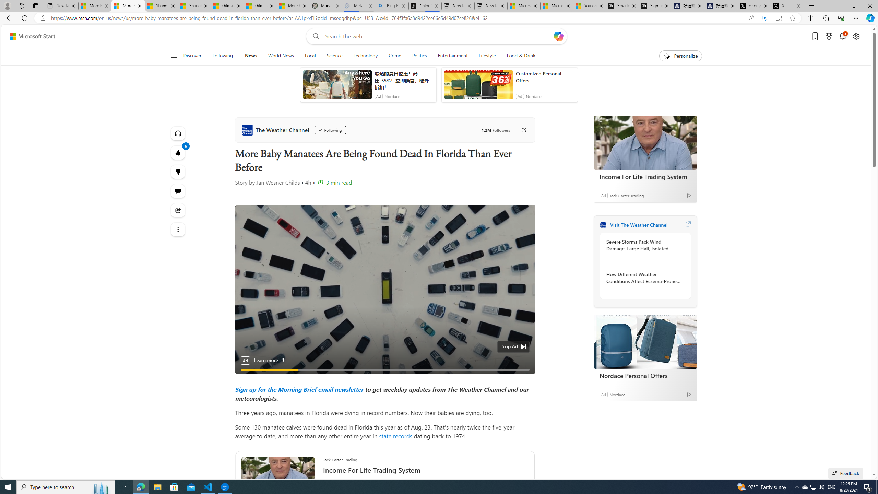  What do you see at coordinates (178, 133) in the screenshot?
I see `'Listen to this article'` at bounding box center [178, 133].